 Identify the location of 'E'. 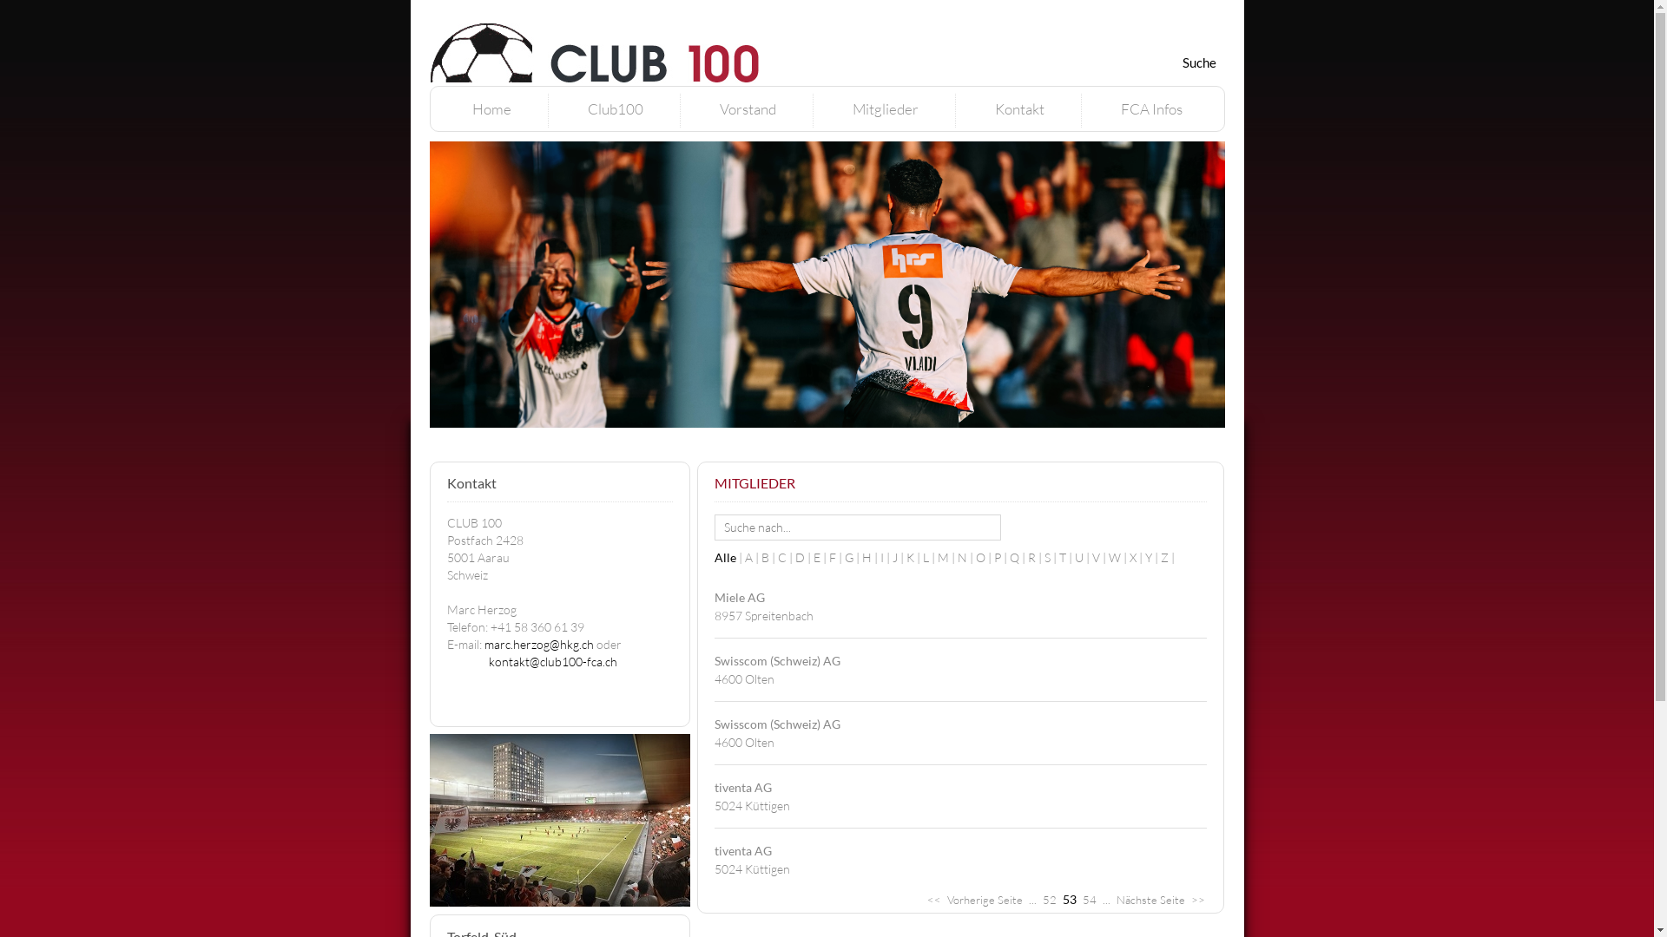
(812, 557).